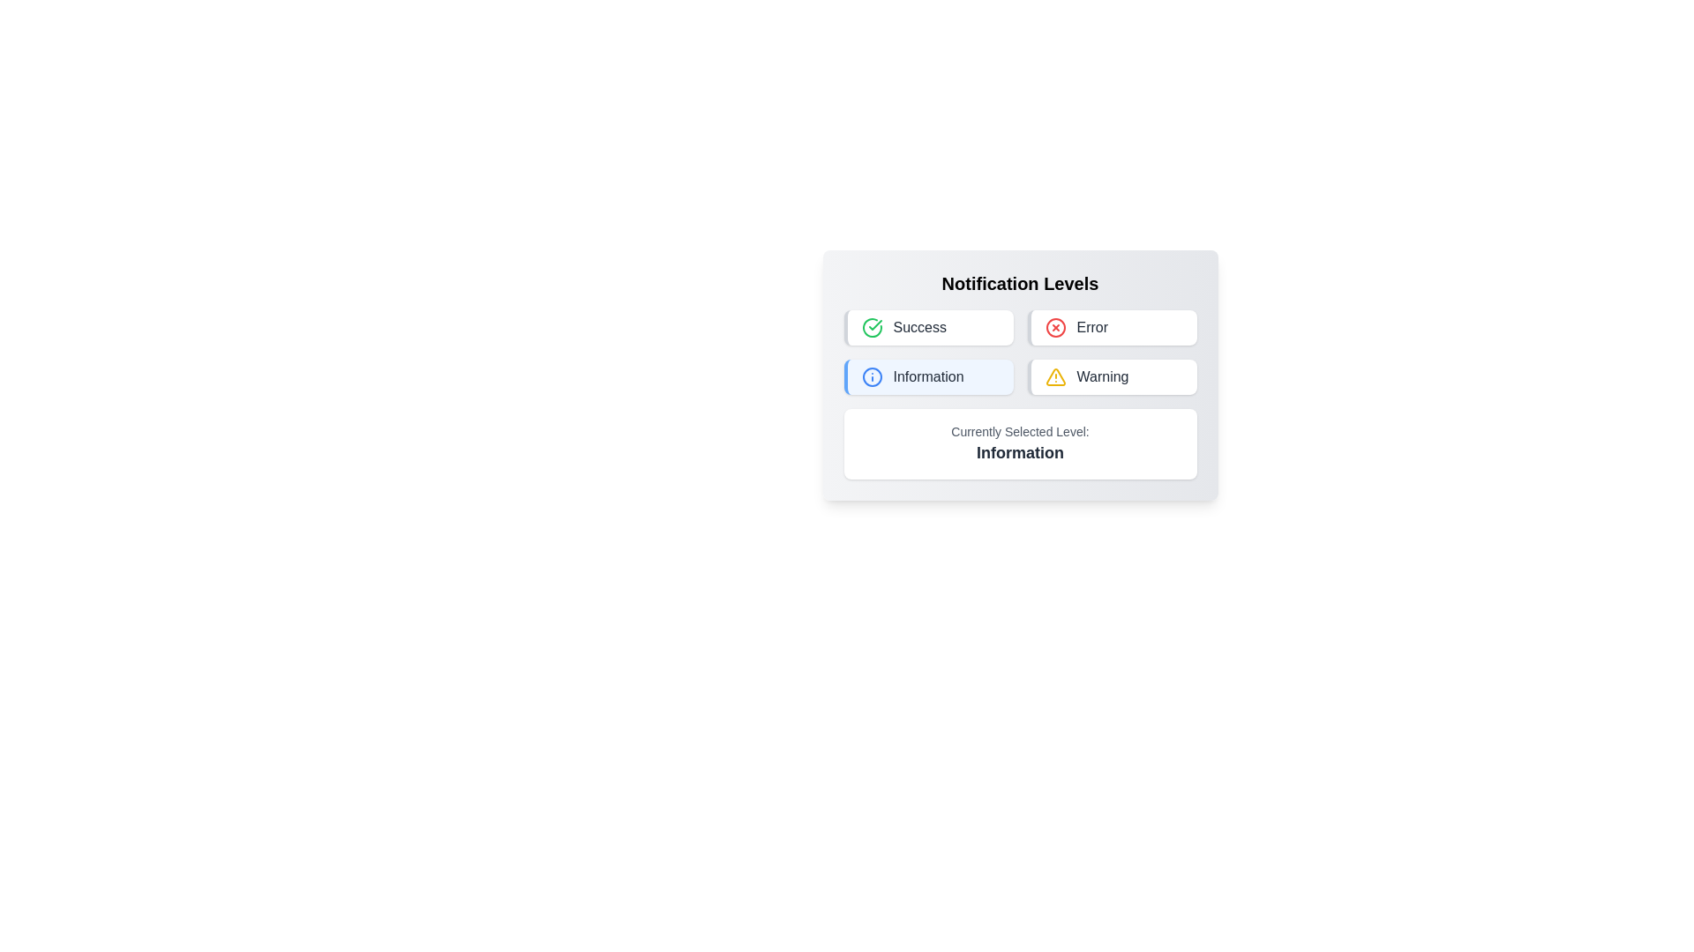 This screenshot has width=1694, height=952. I want to click on the button corresponding to the notification level Error, so click(1111, 327).